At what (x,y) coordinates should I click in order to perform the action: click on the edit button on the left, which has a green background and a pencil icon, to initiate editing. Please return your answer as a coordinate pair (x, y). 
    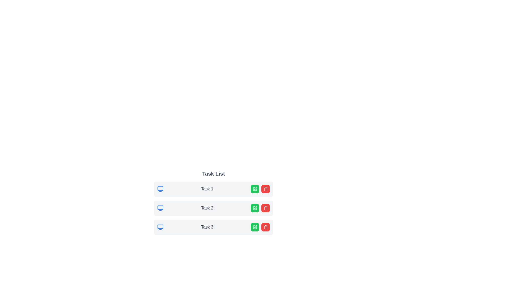
    Looking at the image, I should click on (260, 189).